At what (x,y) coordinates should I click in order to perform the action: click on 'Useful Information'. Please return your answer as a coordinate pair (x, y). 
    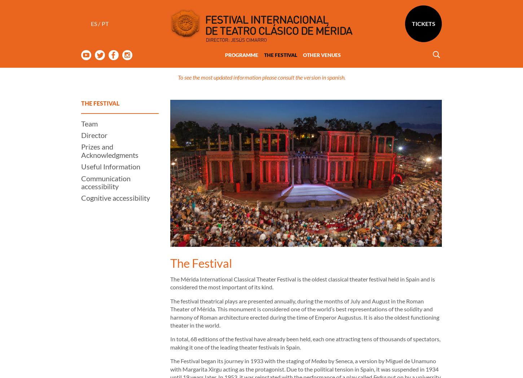
    Looking at the image, I should click on (110, 138).